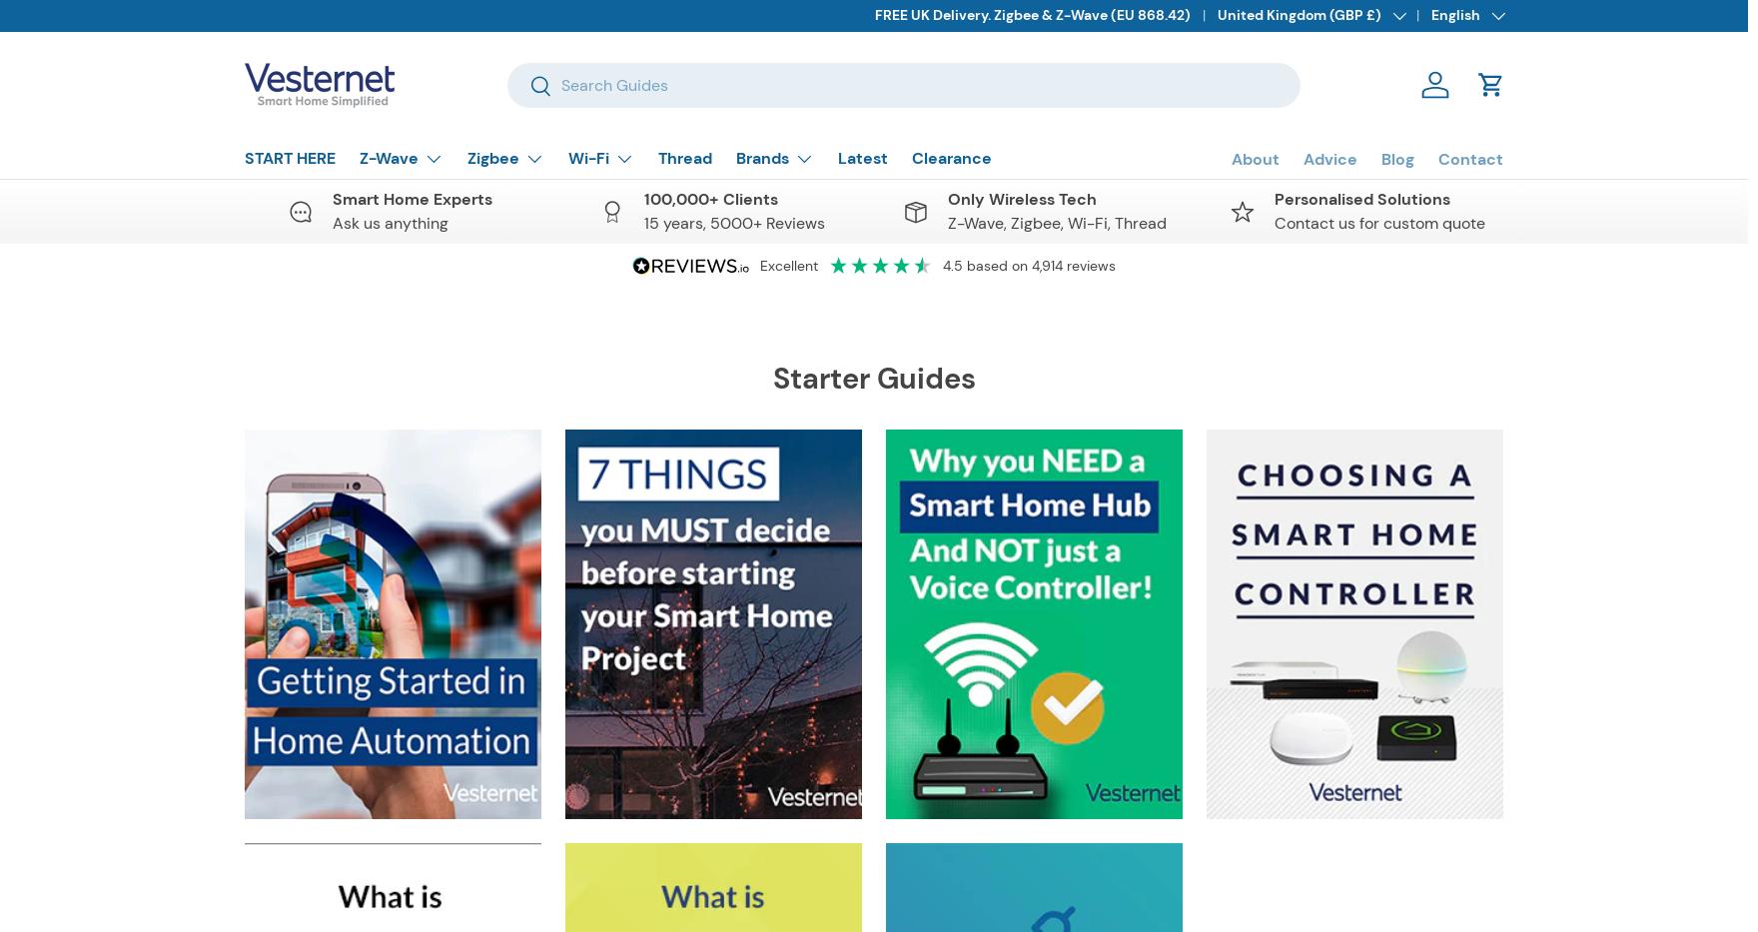  What do you see at coordinates (1089, 264) in the screenshot?
I see `'reviews'` at bounding box center [1089, 264].